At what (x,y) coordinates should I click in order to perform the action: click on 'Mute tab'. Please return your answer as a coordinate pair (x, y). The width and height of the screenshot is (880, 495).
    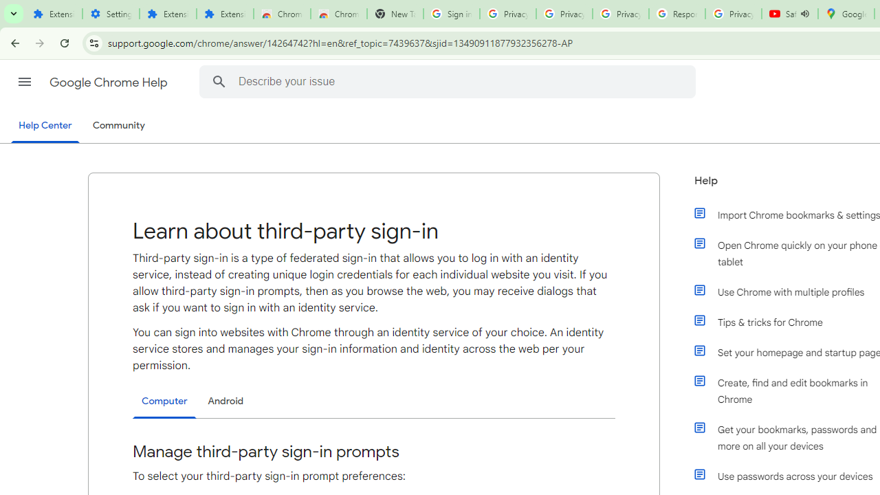
    Looking at the image, I should click on (805, 14).